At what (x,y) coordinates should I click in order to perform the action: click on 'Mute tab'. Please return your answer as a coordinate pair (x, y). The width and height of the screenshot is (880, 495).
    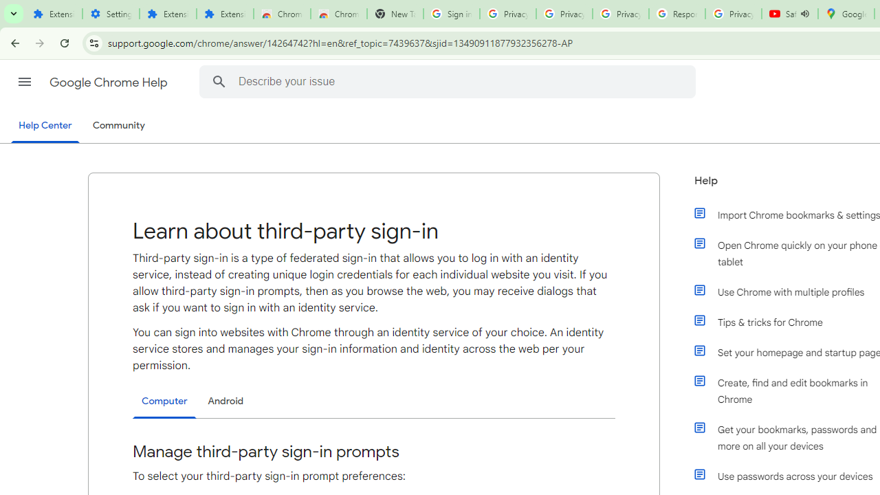
    Looking at the image, I should click on (805, 14).